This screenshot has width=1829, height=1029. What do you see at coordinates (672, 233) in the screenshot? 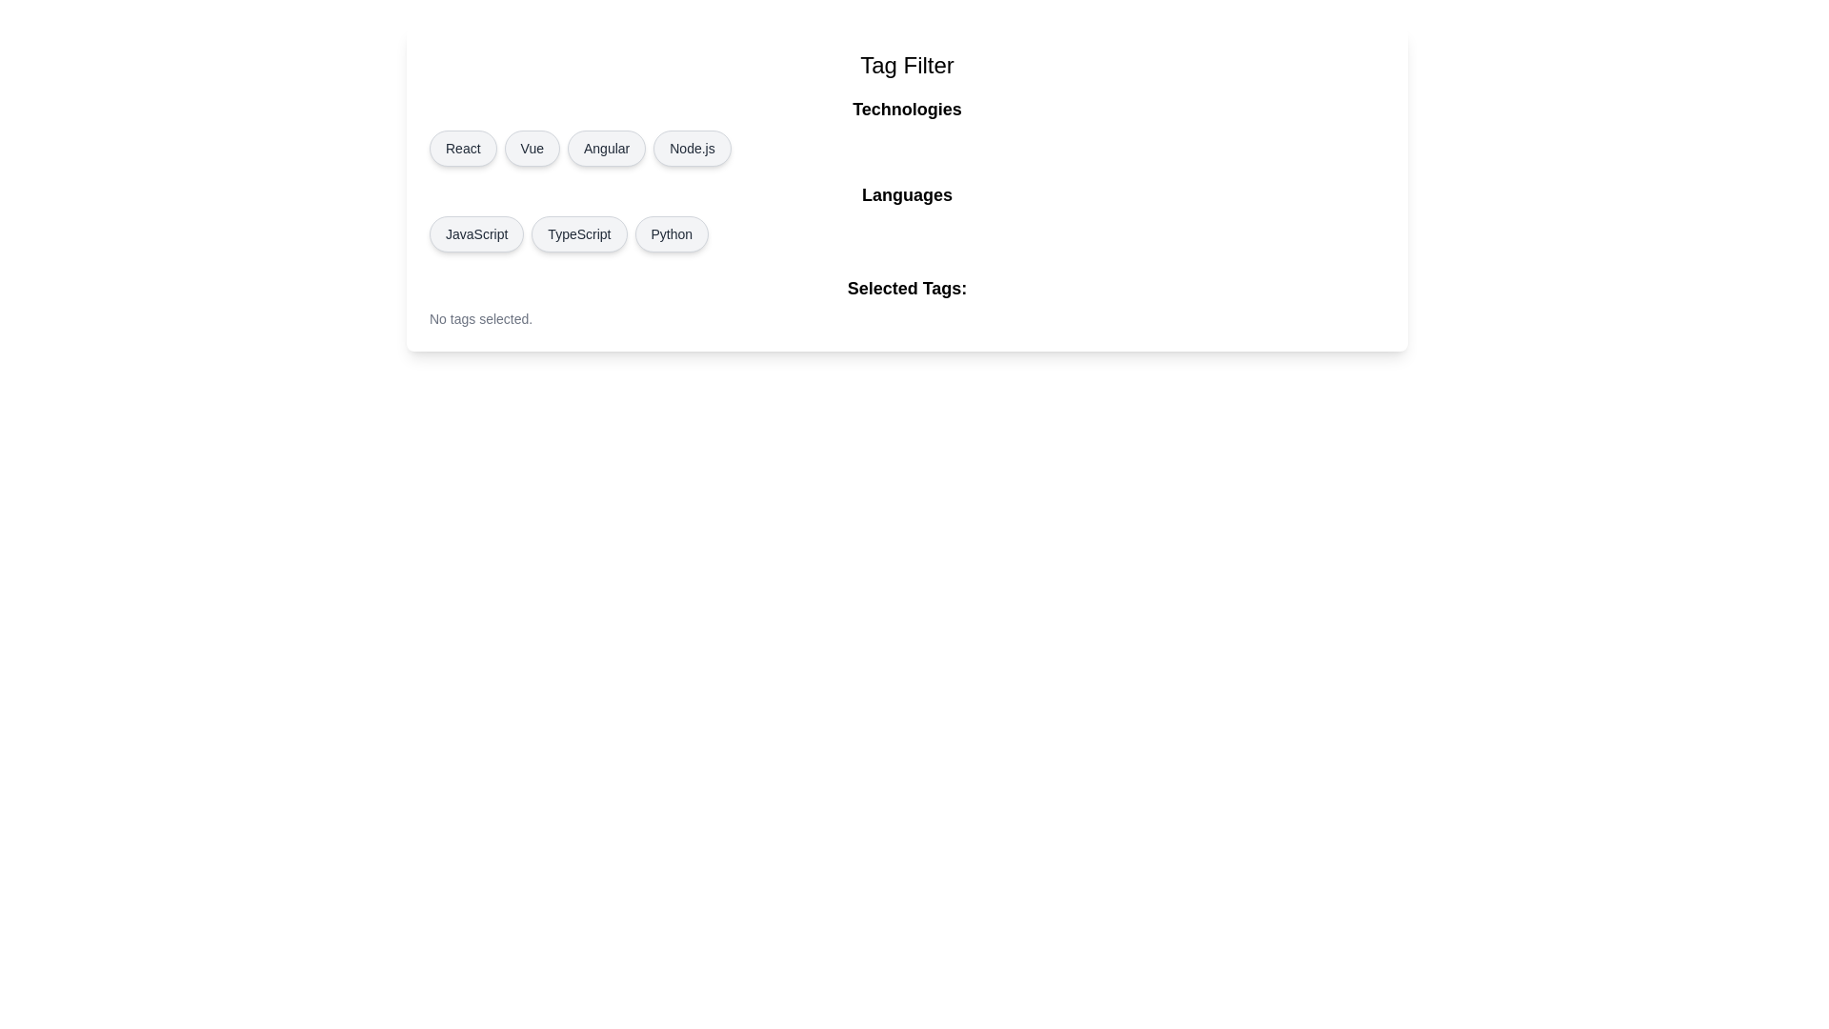
I see `the button labeled 'Python' which is the third button in a horizontal group under the 'Technologies' section` at bounding box center [672, 233].